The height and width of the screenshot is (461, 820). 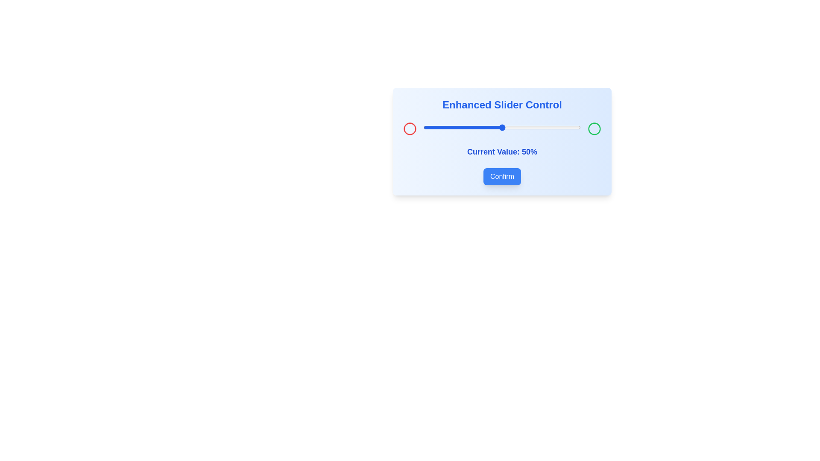 I want to click on the 'Confirm' button, which is a blue rectangular button with white text and rounded corners, located below the text 'Current Value: 50%', so click(x=502, y=176).